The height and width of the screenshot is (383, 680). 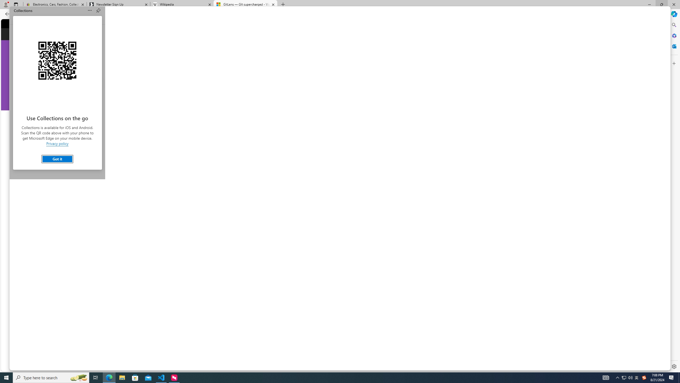 I want to click on 'Pin Collections', so click(x=98, y=10).